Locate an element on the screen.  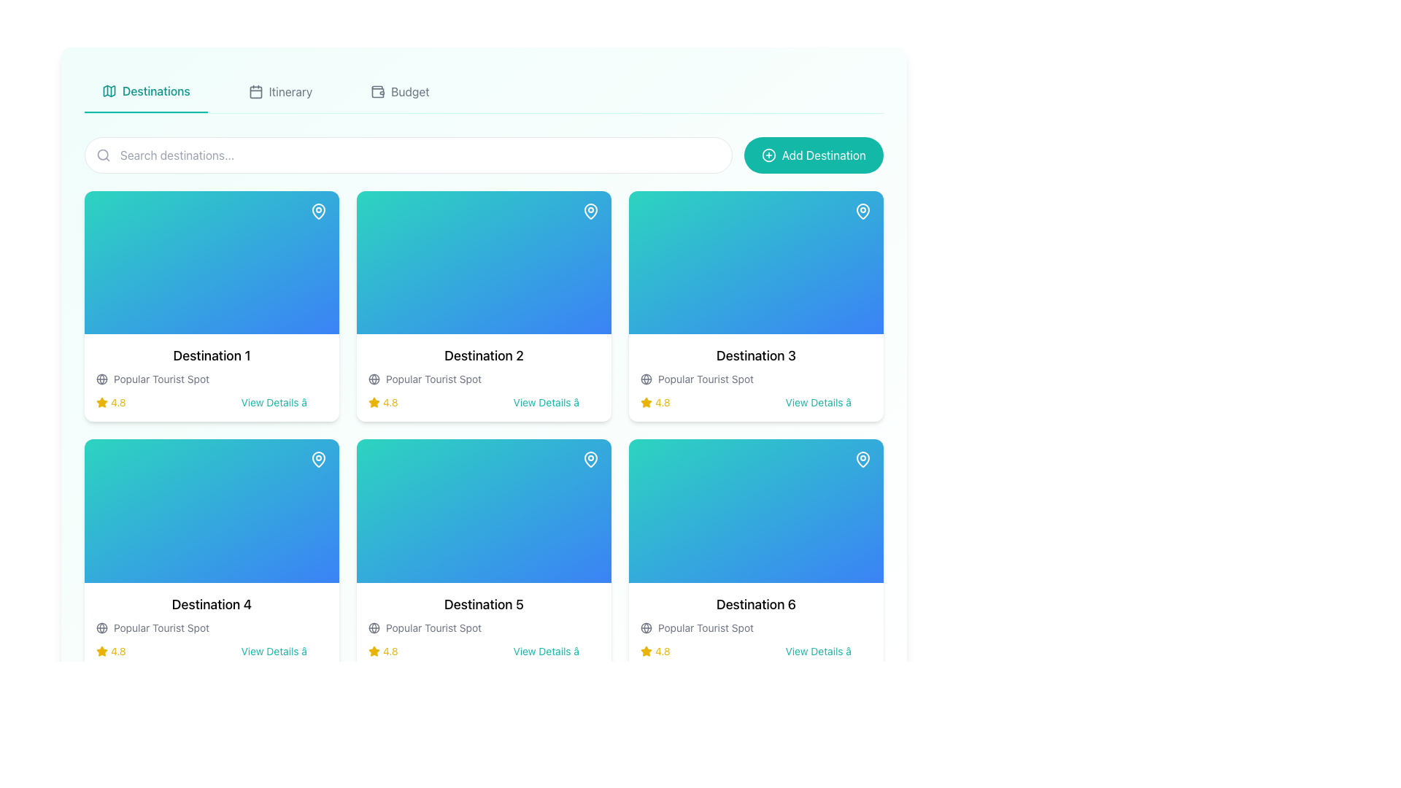
the text label displaying 'Popular Tourist Spot' which is located within the card labeled 'Destination 1' is located at coordinates (161, 379).